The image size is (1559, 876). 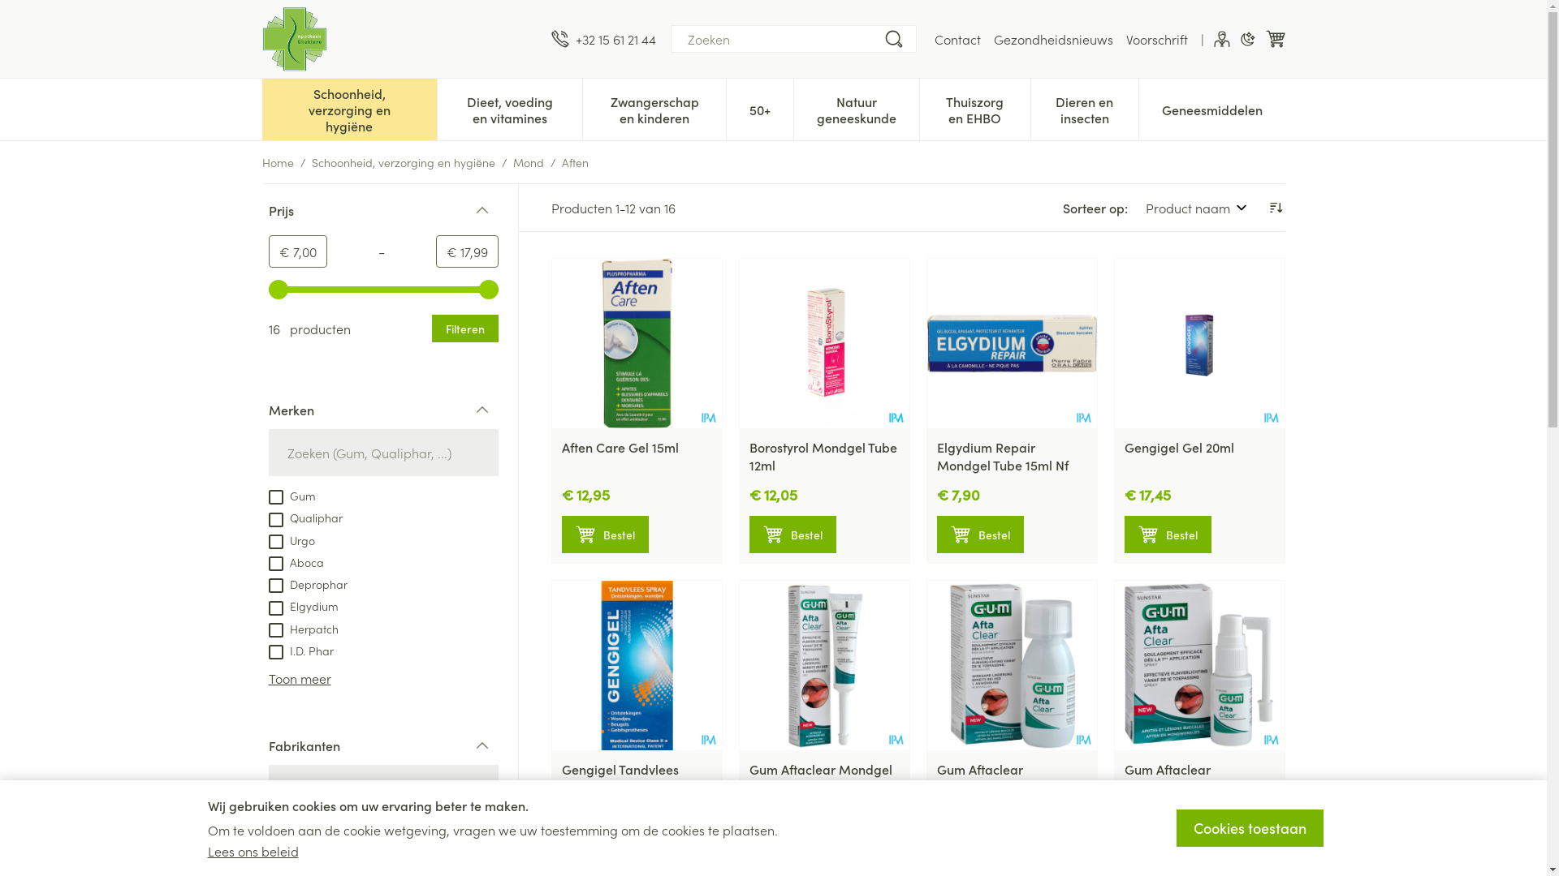 I want to click on 'Contact', so click(x=957, y=37).